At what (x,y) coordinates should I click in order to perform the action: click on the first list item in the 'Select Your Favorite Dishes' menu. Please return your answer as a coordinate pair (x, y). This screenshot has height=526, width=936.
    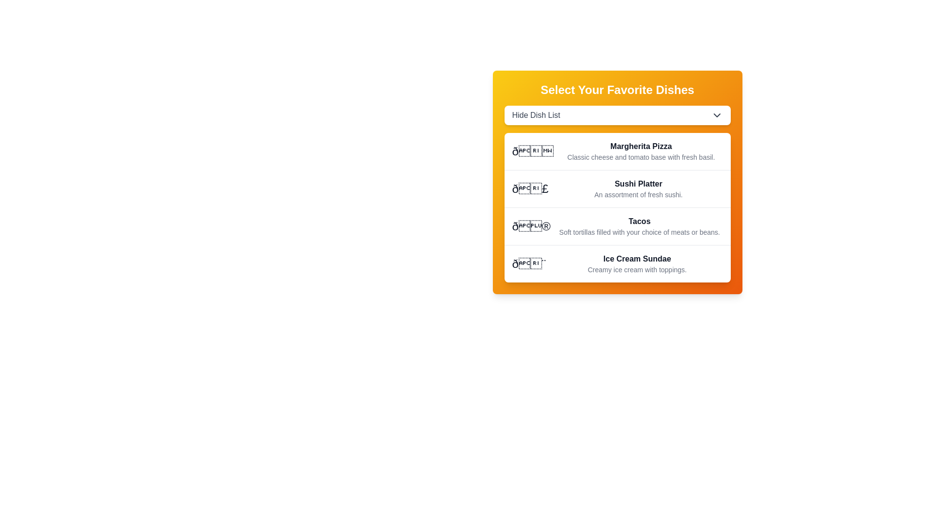
    Looking at the image, I should click on (617, 151).